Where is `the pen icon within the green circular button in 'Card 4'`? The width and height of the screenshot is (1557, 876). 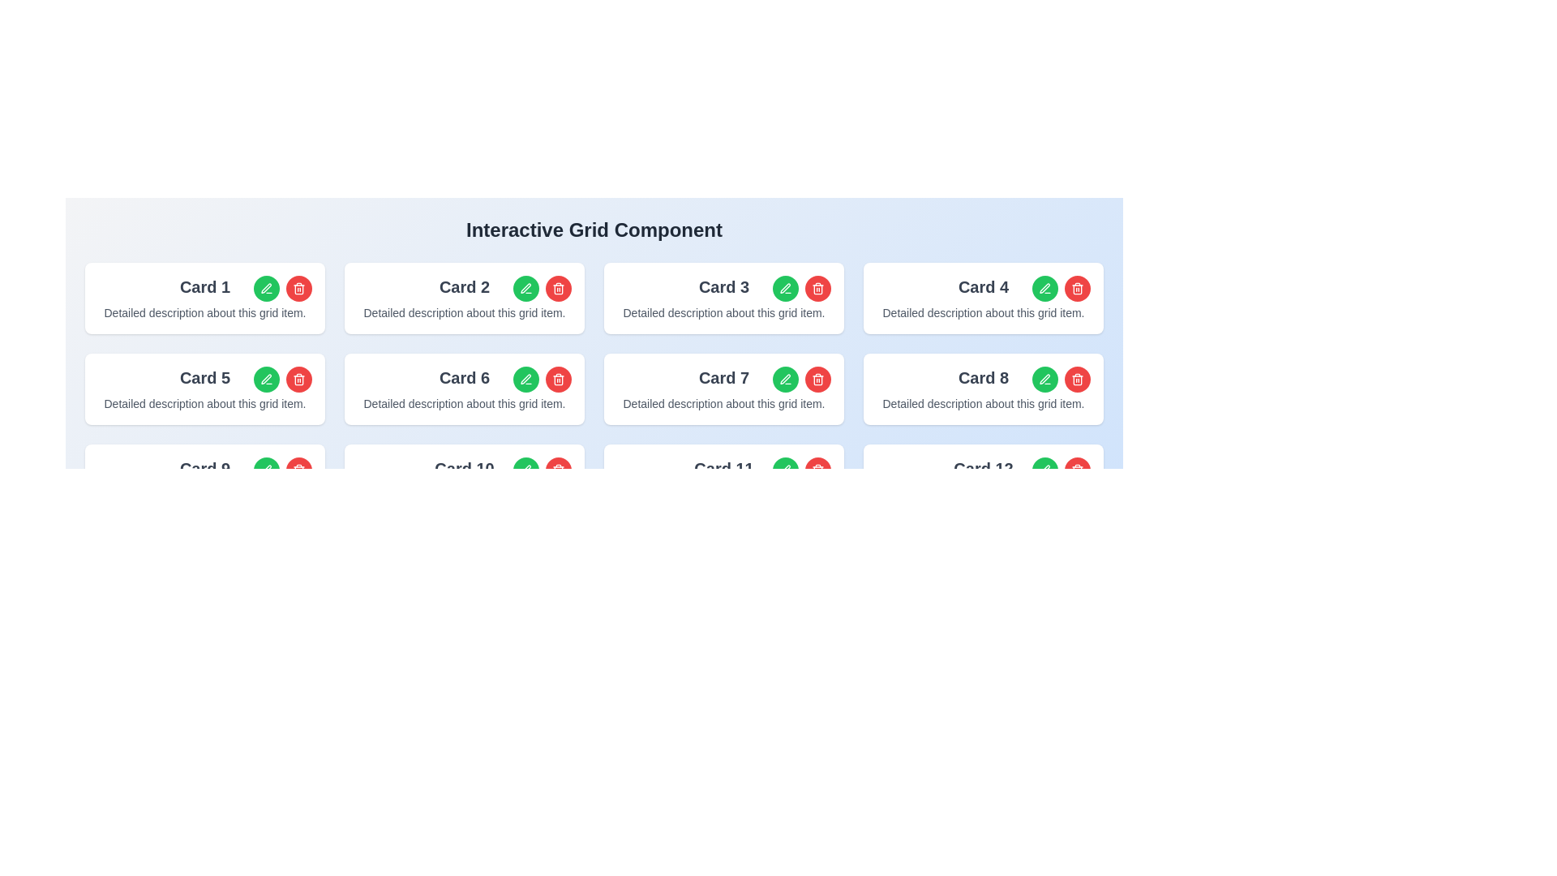
the pen icon within the green circular button in 'Card 4' is located at coordinates (1045, 470).